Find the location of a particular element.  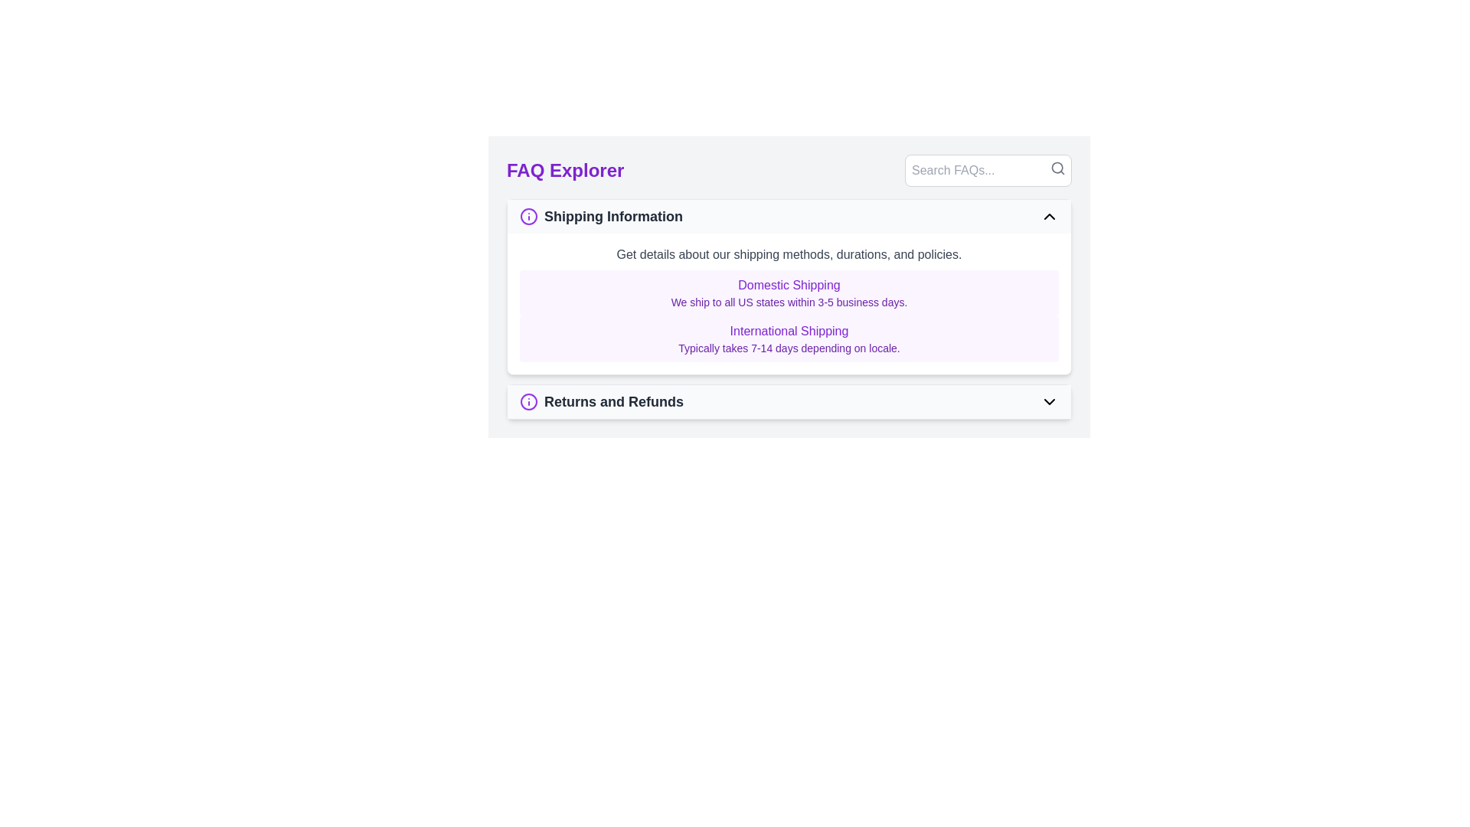

the Static Text element that serves as the title or heading for the FAQ section of the interface is located at coordinates (564, 171).